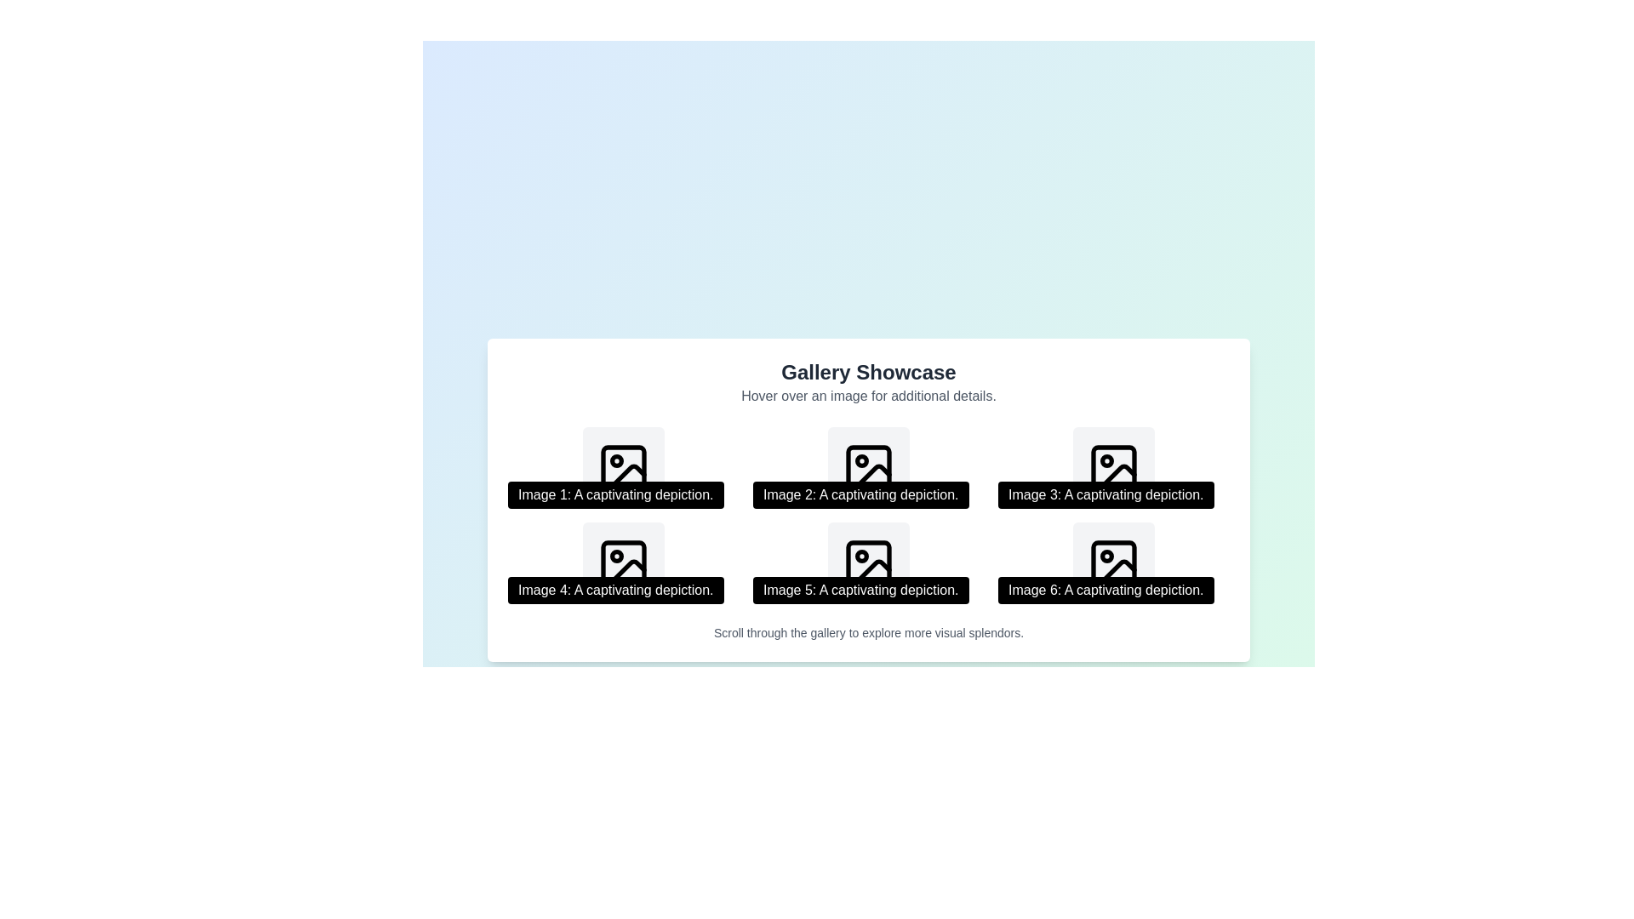  What do you see at coordinates (872, 477) in the screenshot?
I see `the triangular vector graphic that resembles a mountain, located in the lower right corner of the 'Image 2: A captivating depiction' SVG icon` at bounding box center [872, 477].